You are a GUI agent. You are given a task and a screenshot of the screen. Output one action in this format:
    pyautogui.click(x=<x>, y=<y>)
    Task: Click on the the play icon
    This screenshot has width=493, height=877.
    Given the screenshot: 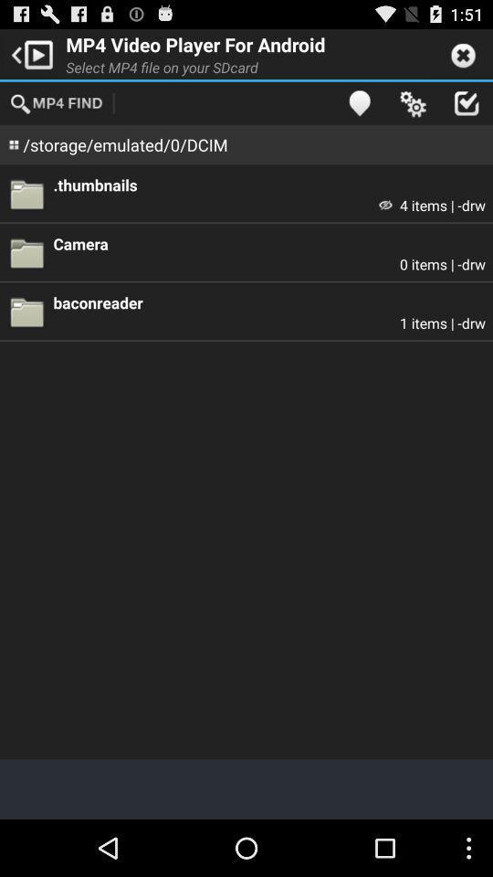 What is the action you would take?
    pyautogui.click(x=28, y=57)
    